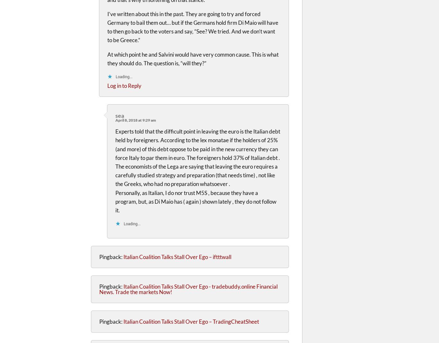  What do you see at coordinates (115, 115) in the screenshot?
I see `'sea'` at bounding box center [115, 115].